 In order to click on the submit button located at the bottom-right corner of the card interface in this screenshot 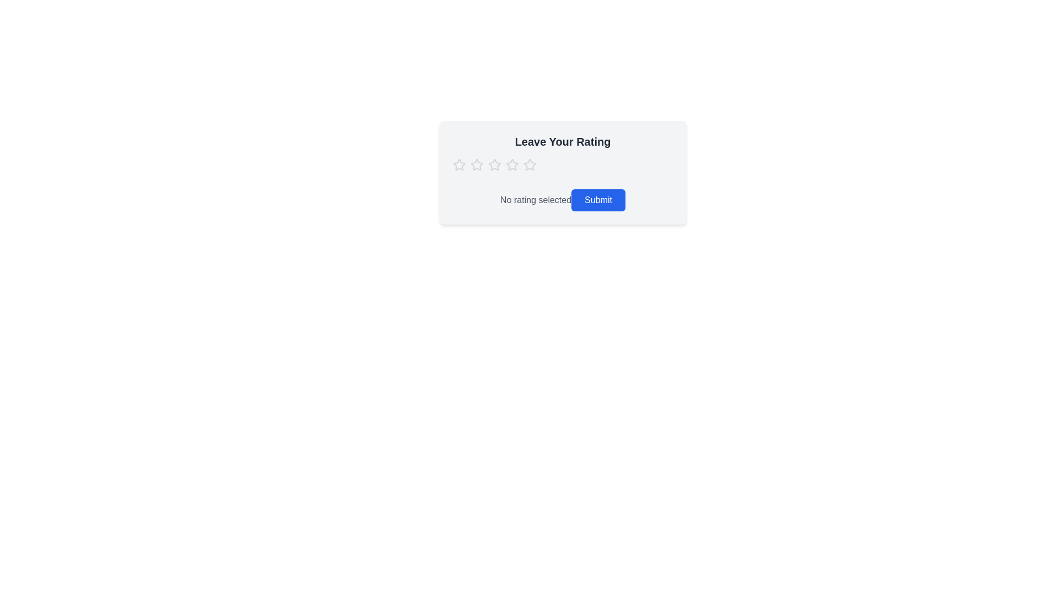, I will do `click(597, 200)`.